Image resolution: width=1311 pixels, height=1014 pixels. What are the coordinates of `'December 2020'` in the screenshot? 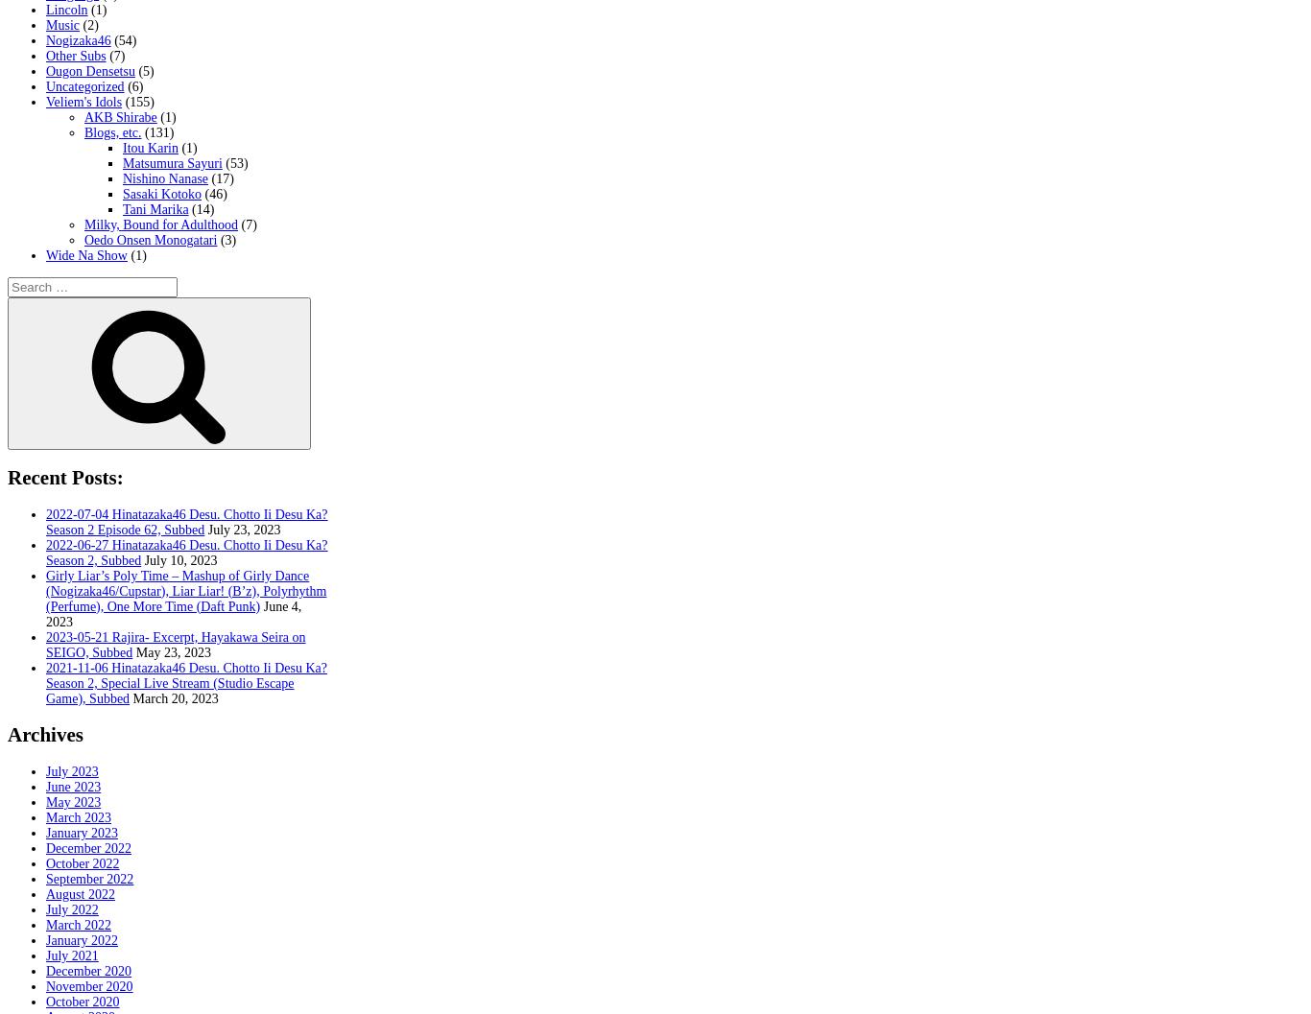 It's located at (88, 969).